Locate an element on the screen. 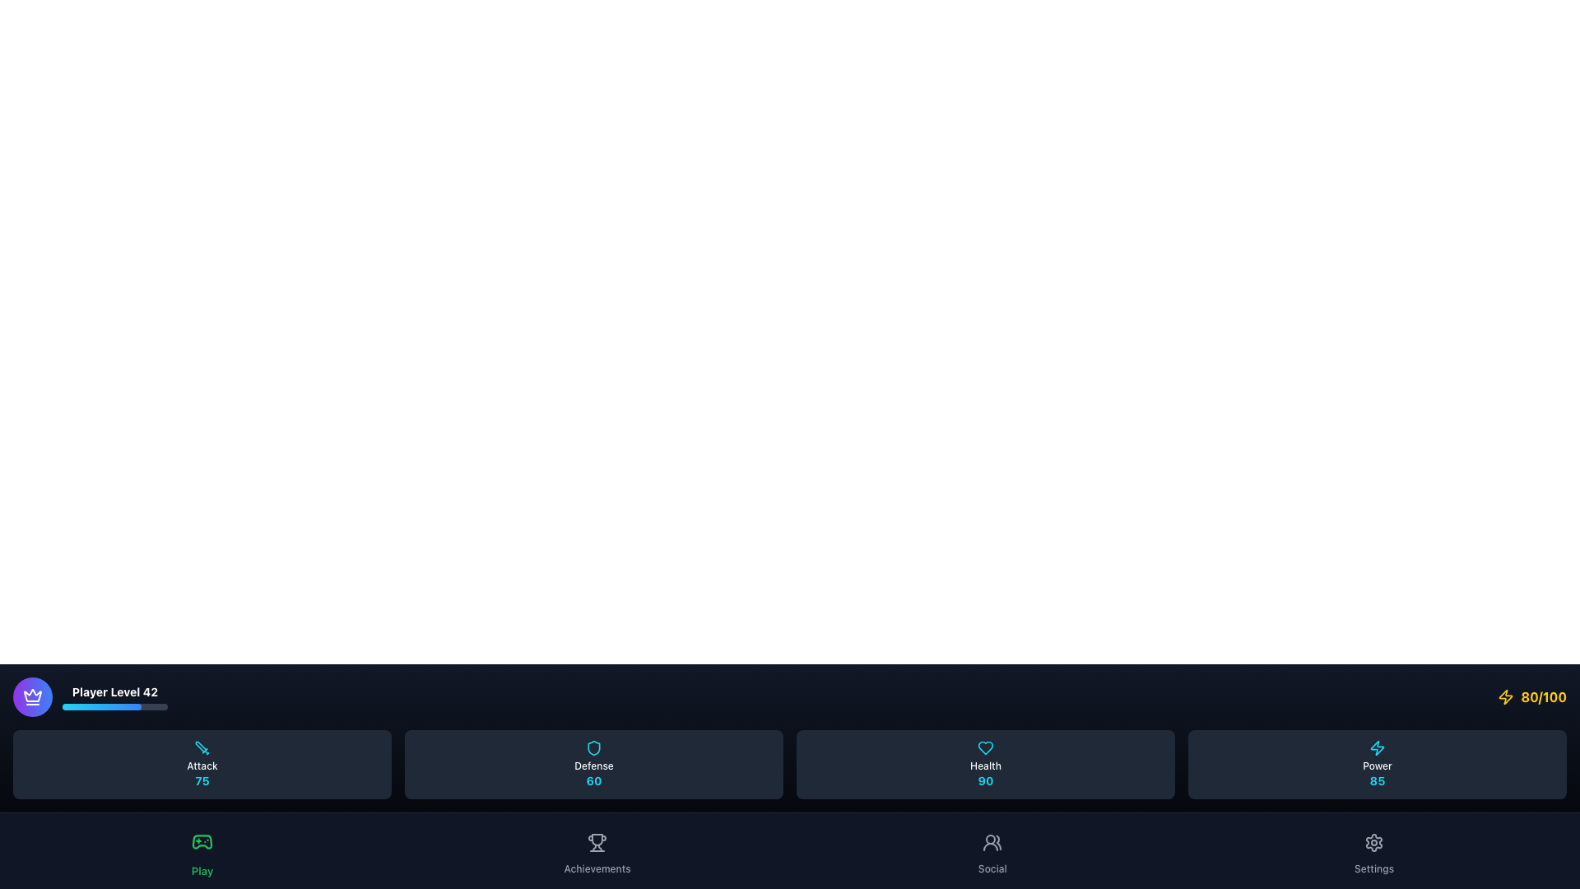 Image resolution: width=1580 pixels, height=889 pixels. the gear icon button for settings is located at coordinates (1374, 842).